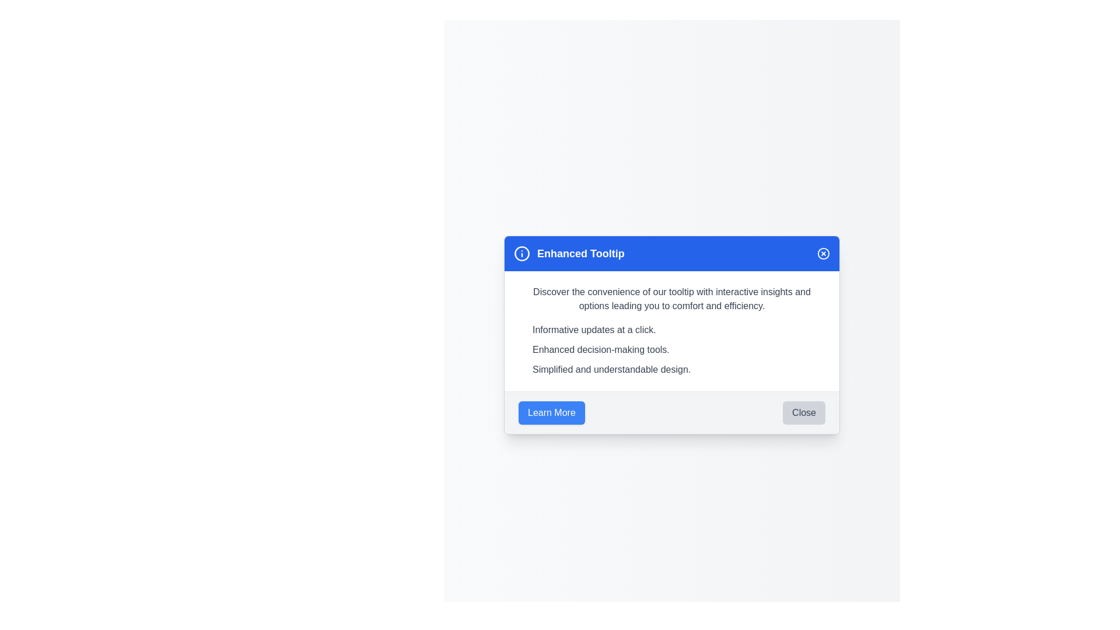  What do you see at coordinates (678, 330) in the screenshot?
I see `the first item in the bullet-point list located within the 'Enhanced Tooltip' box` at bounding box center [678, 330].